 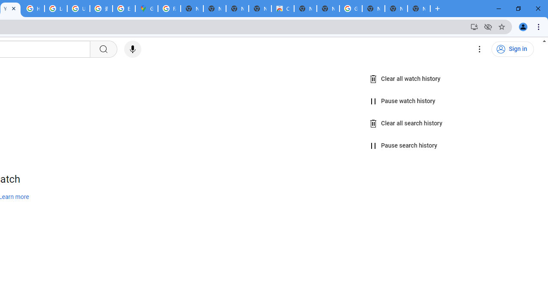 I want to click on 'Clear all search history', so click(x=406, y=123).